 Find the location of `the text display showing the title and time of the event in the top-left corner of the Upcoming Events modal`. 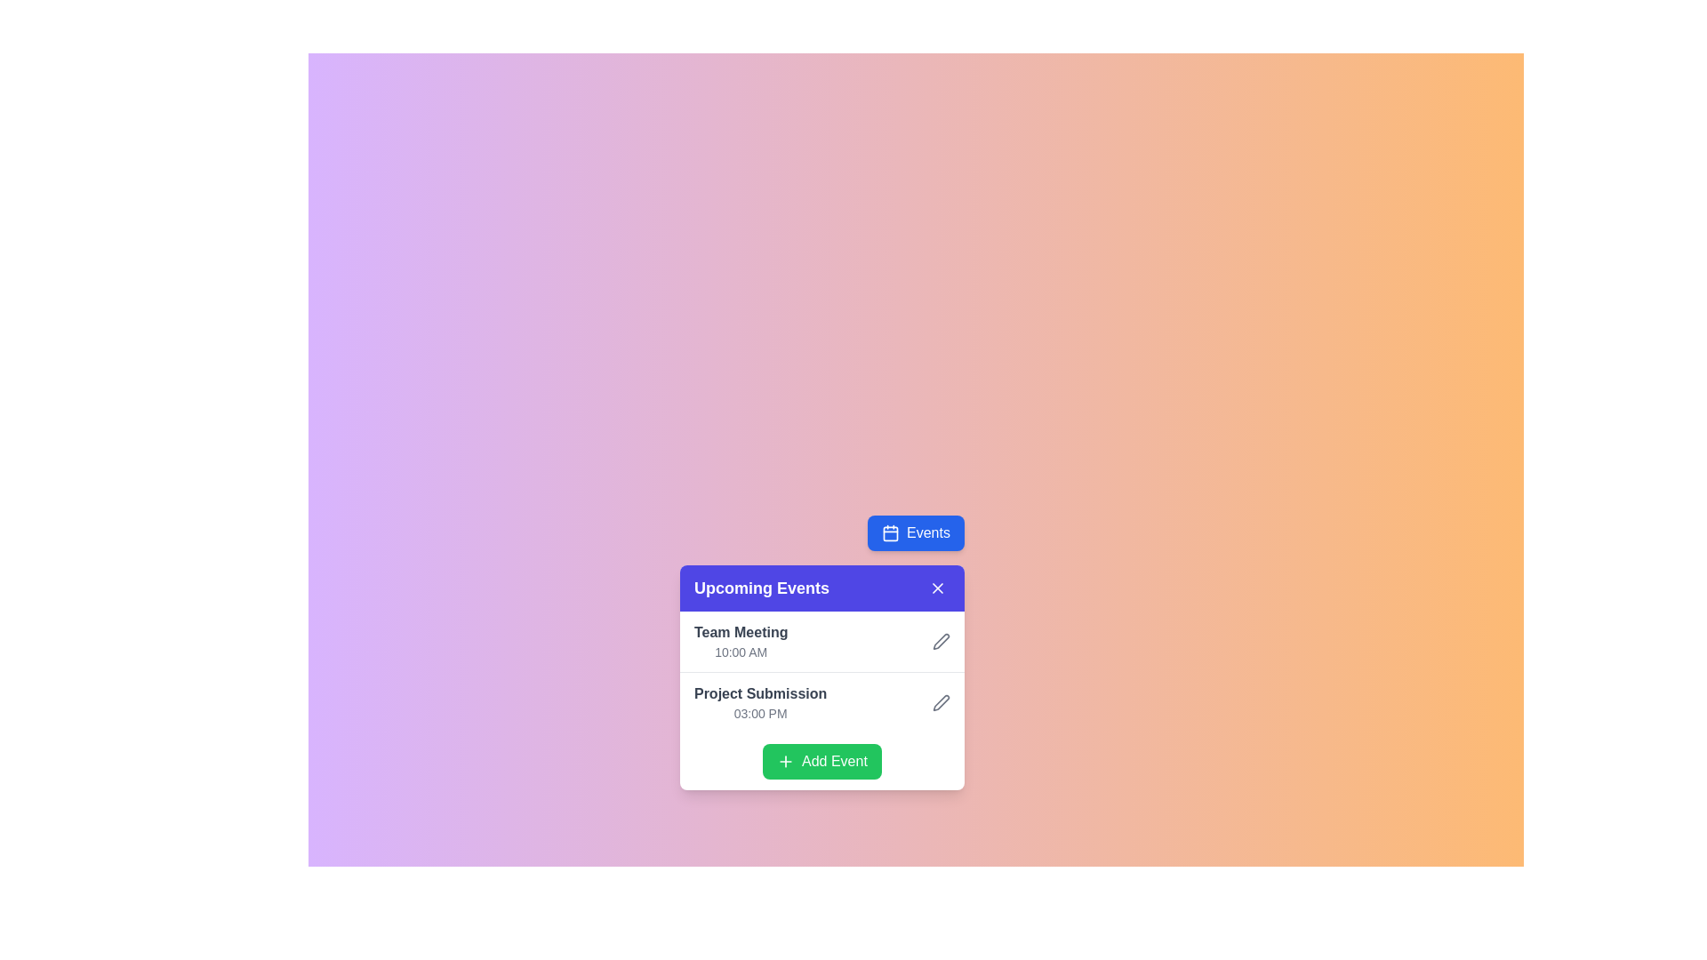

the text display showing the title and time of the event in the top-left corner of the Upcoming Events modal is located at coordinates (741, 641).